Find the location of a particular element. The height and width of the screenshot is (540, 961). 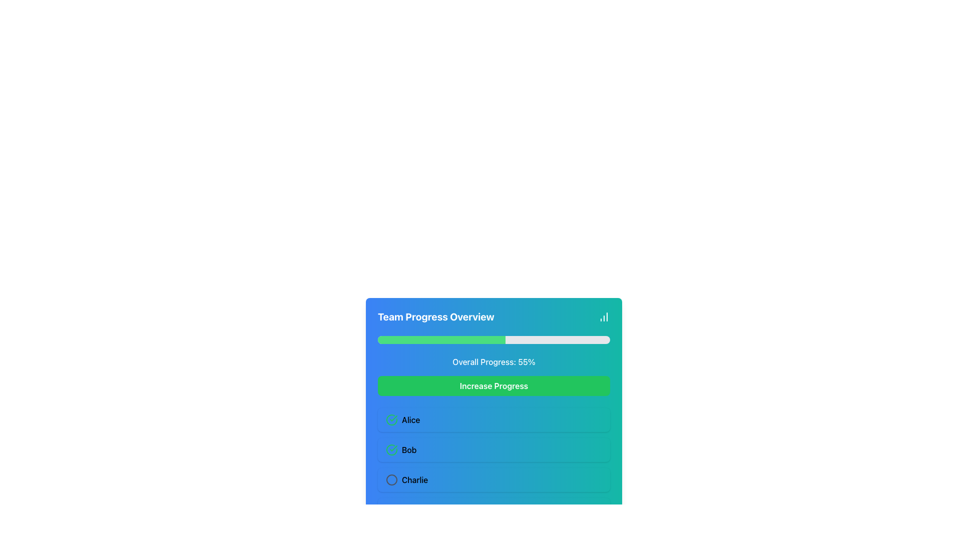

the list item block representing an individual's contribution status located below the green progress bar and above the items labeled 'Bob' and 'Charlie' is located at coordinates (494, 420).